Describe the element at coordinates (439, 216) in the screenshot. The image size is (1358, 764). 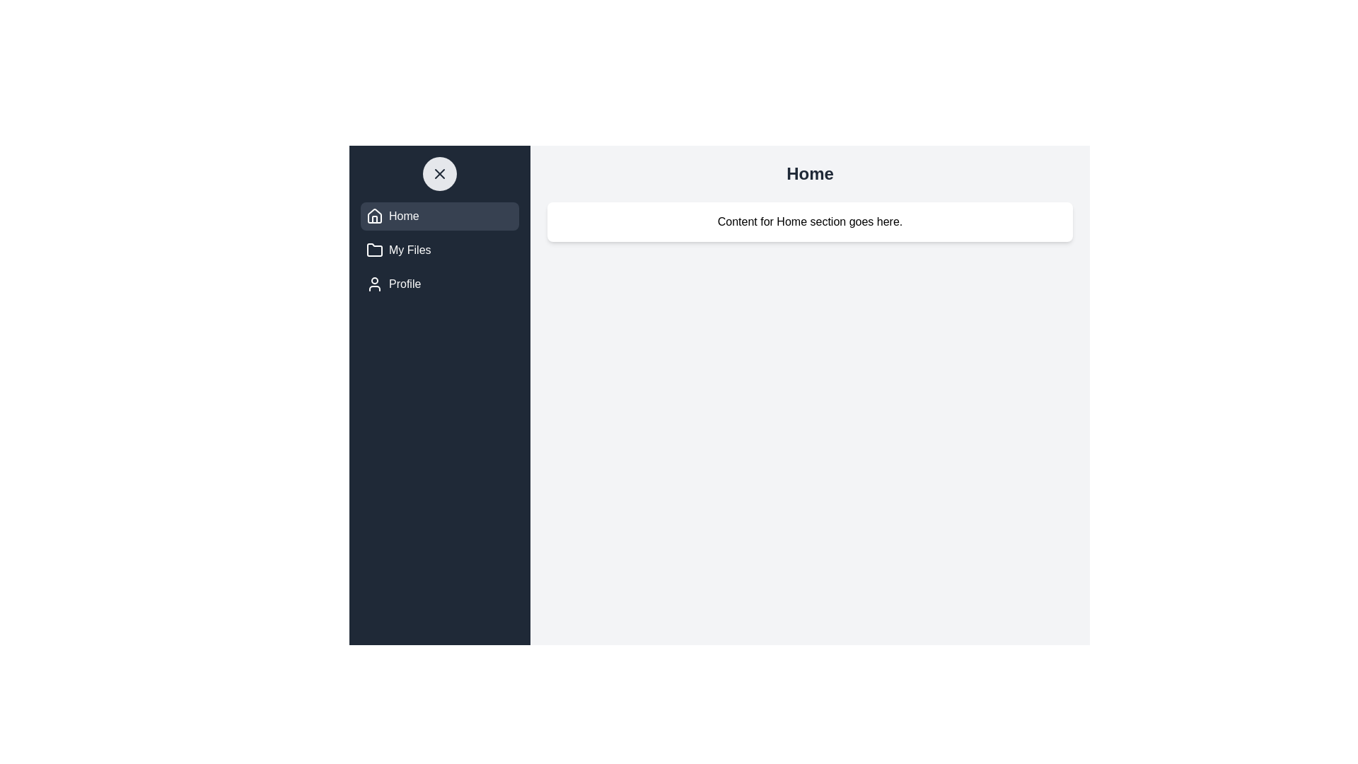
I see `the menu item Home from the drawer menu` at that location.